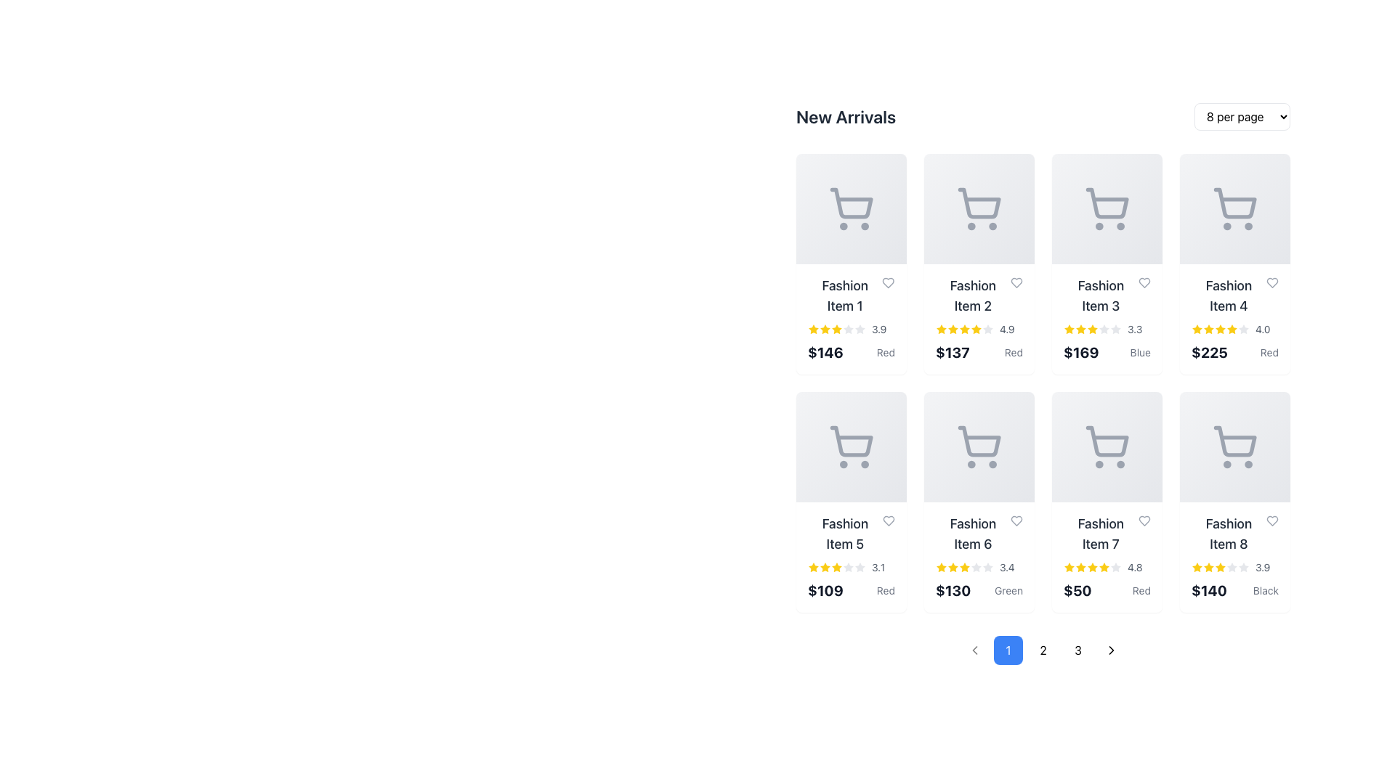 This screenshot has width=1395, height=784. I want to click on text content of the small text label displaying 'Red' in gray font, located below the price '$146' in the first product card of the grid layout, so click(885, 353).